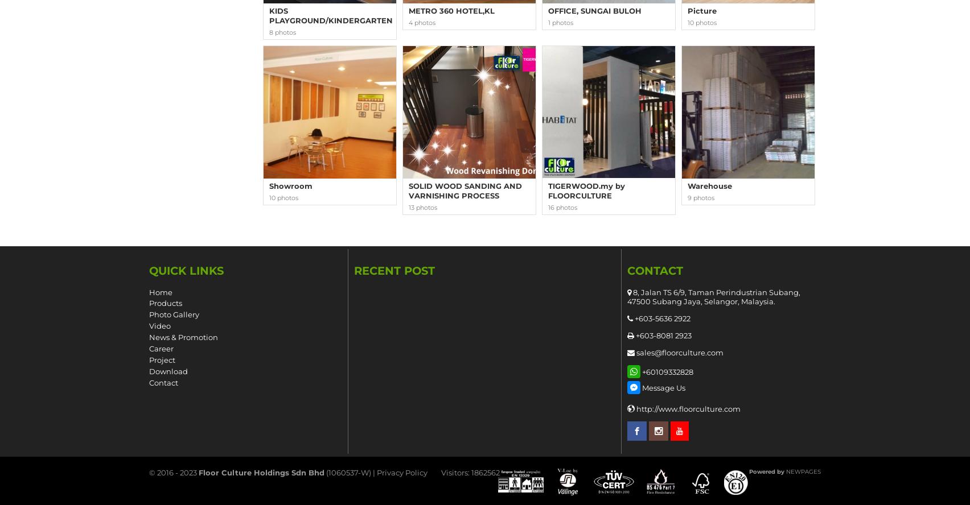 Image resolution: width=970 pixels, height=505 pixels. Describe the element at coordinates (149, 326) in the screenshot. I see `'Video'` at that location.